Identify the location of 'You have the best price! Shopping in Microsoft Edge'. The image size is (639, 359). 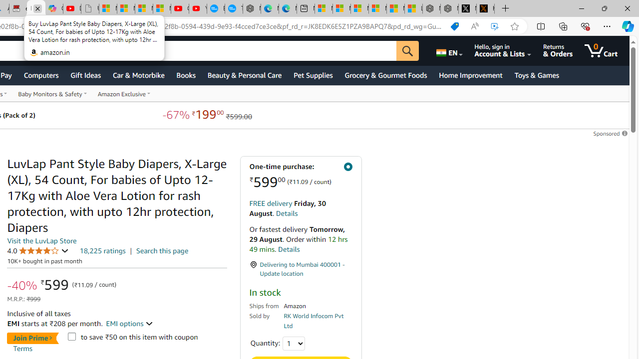
(454, 26).